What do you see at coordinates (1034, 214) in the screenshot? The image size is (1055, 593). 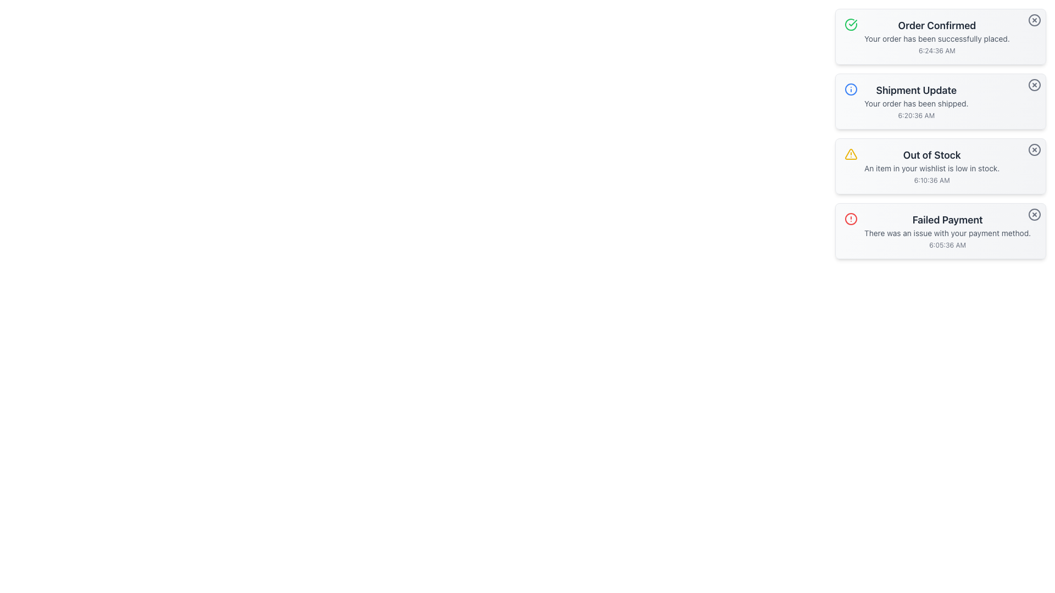 I see `the close button represented by an 'X' symbol inside a circular border located in the top-right corner of the 'Failed Payment' notification card` at bounding box center [1034, 214].